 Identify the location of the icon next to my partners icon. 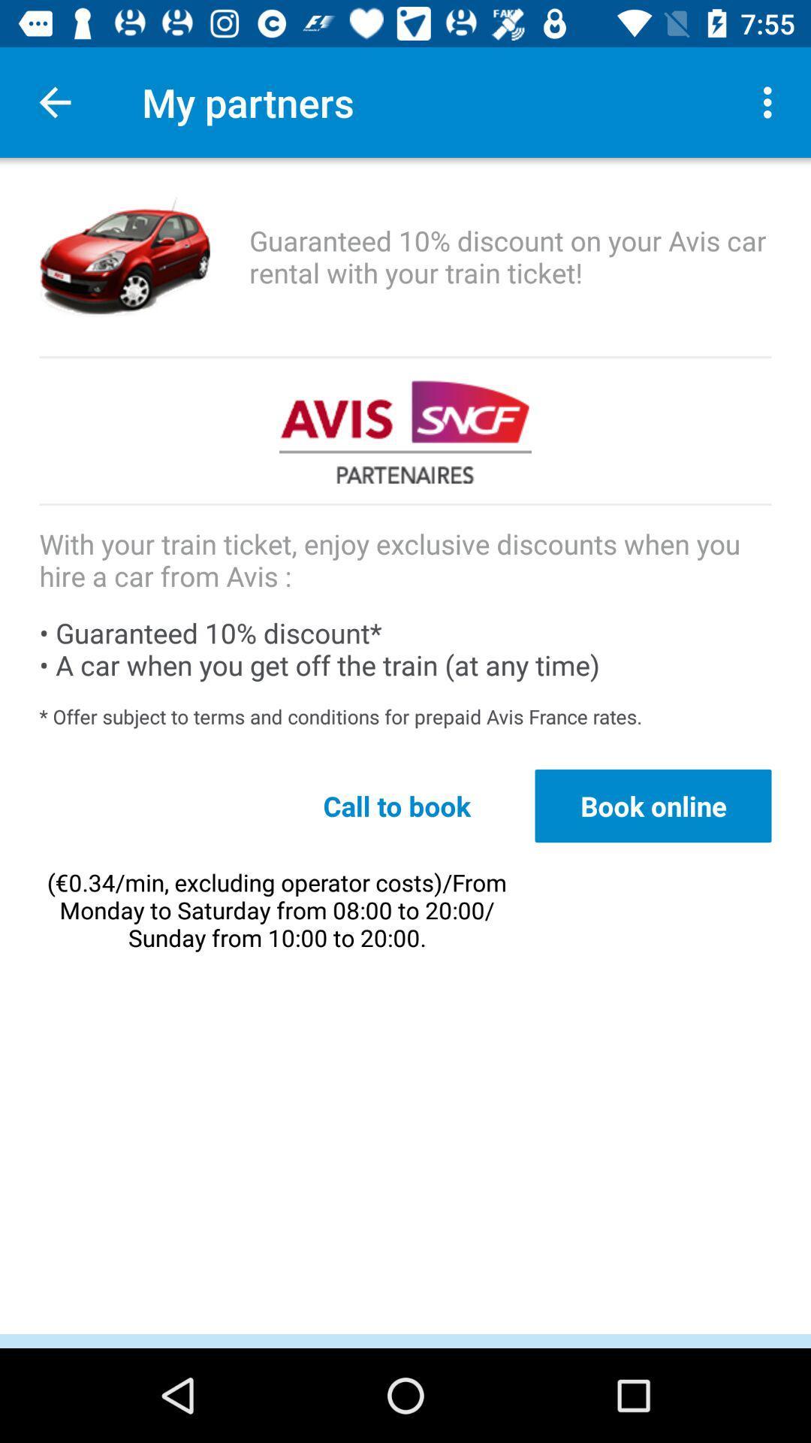
(54, 101).